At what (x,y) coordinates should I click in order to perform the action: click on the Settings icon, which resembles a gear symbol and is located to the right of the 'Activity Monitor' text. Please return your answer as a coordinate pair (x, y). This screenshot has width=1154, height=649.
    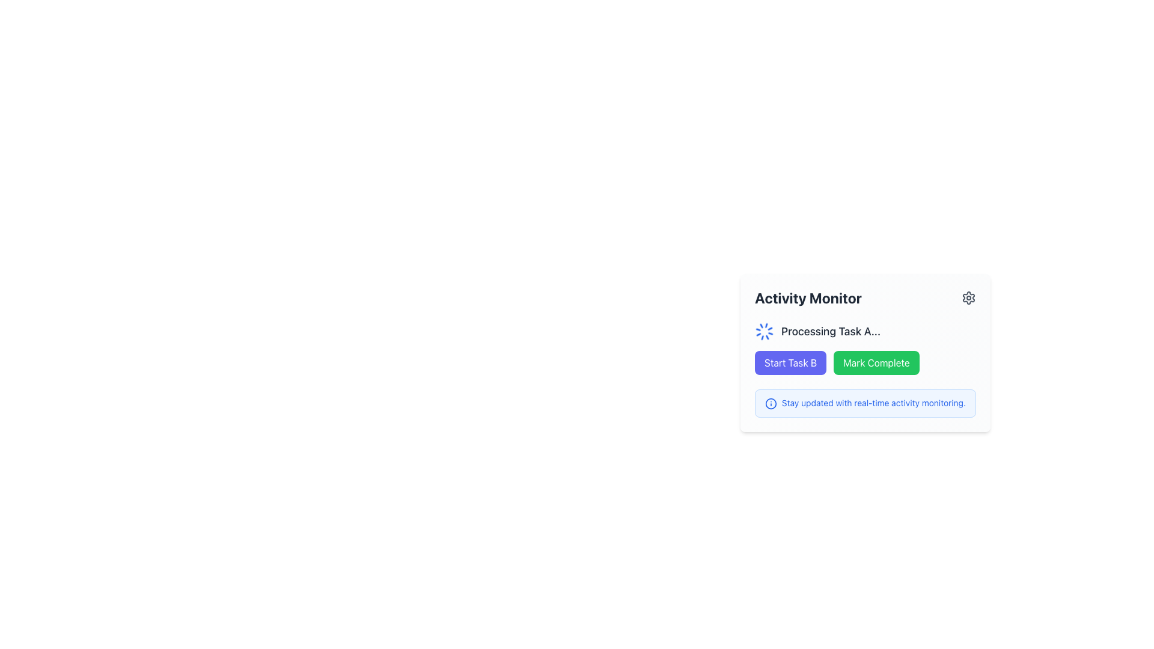
    Looking at the image, I should click on (969, 297).